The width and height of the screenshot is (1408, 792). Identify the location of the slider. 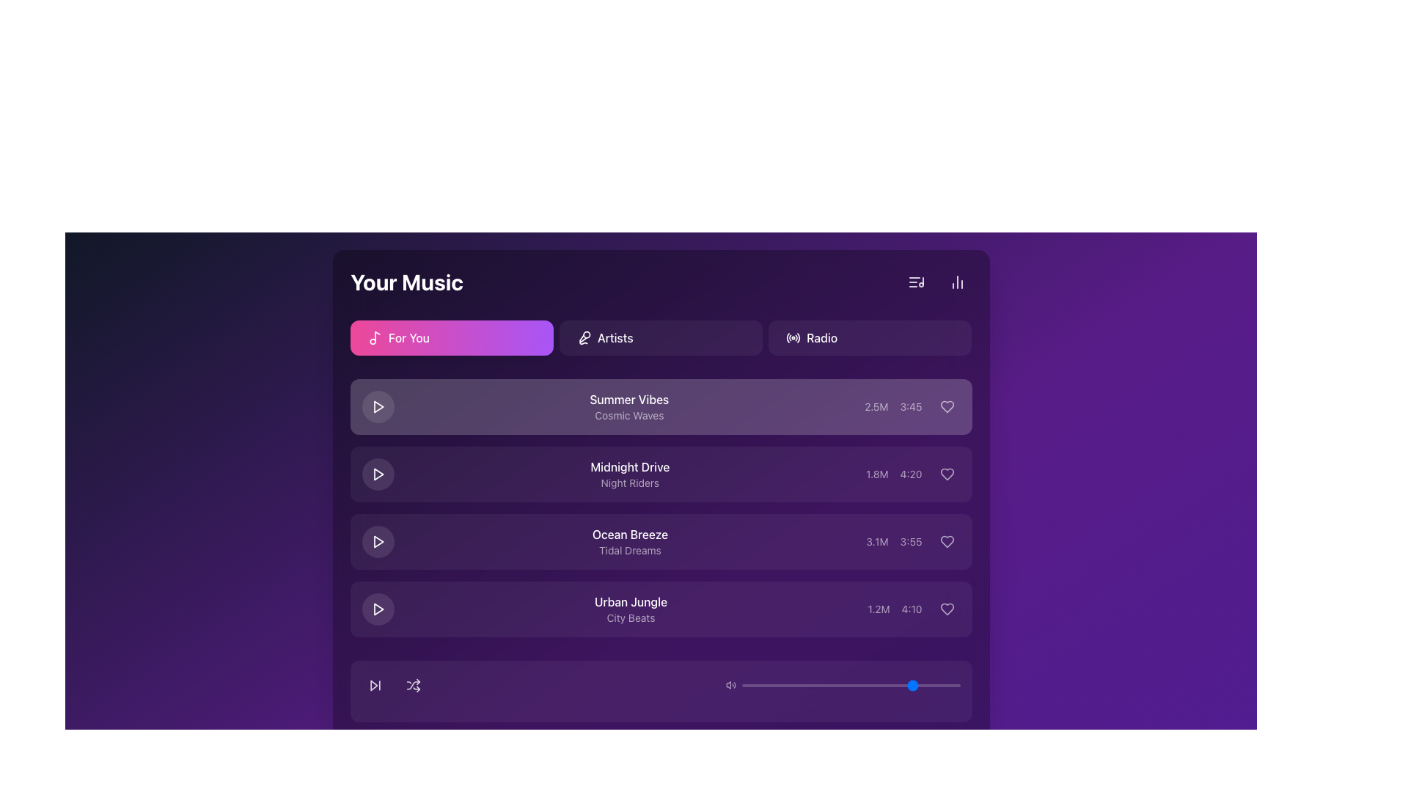
(907, 685).